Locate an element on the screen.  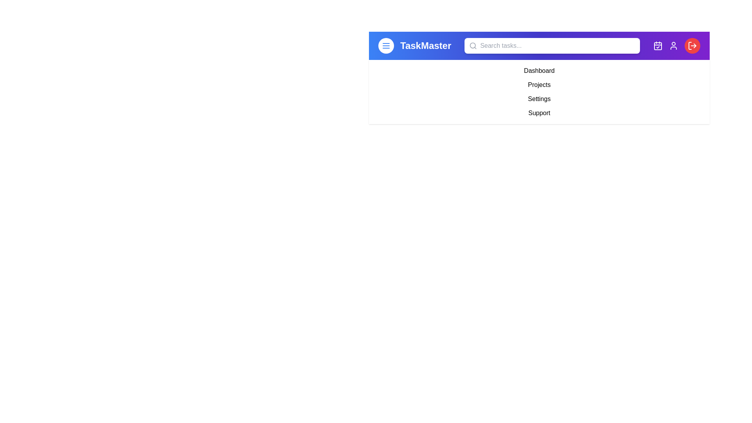
the logout button to log out of the application is located at coordinates (692, 45).